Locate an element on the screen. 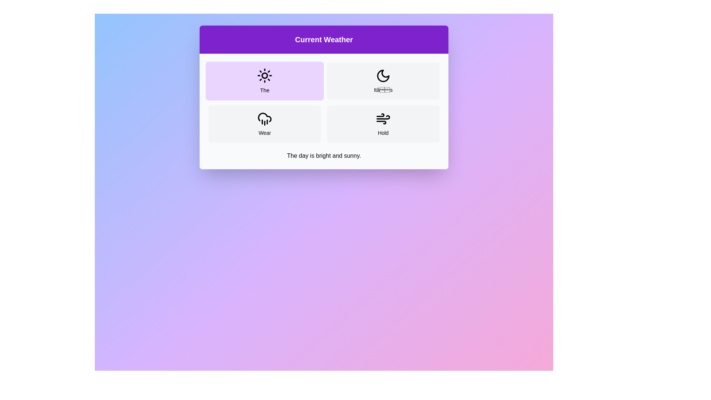 The image size is (711, 400). the background to change its visual appearance is located at coordinates (284, 142).